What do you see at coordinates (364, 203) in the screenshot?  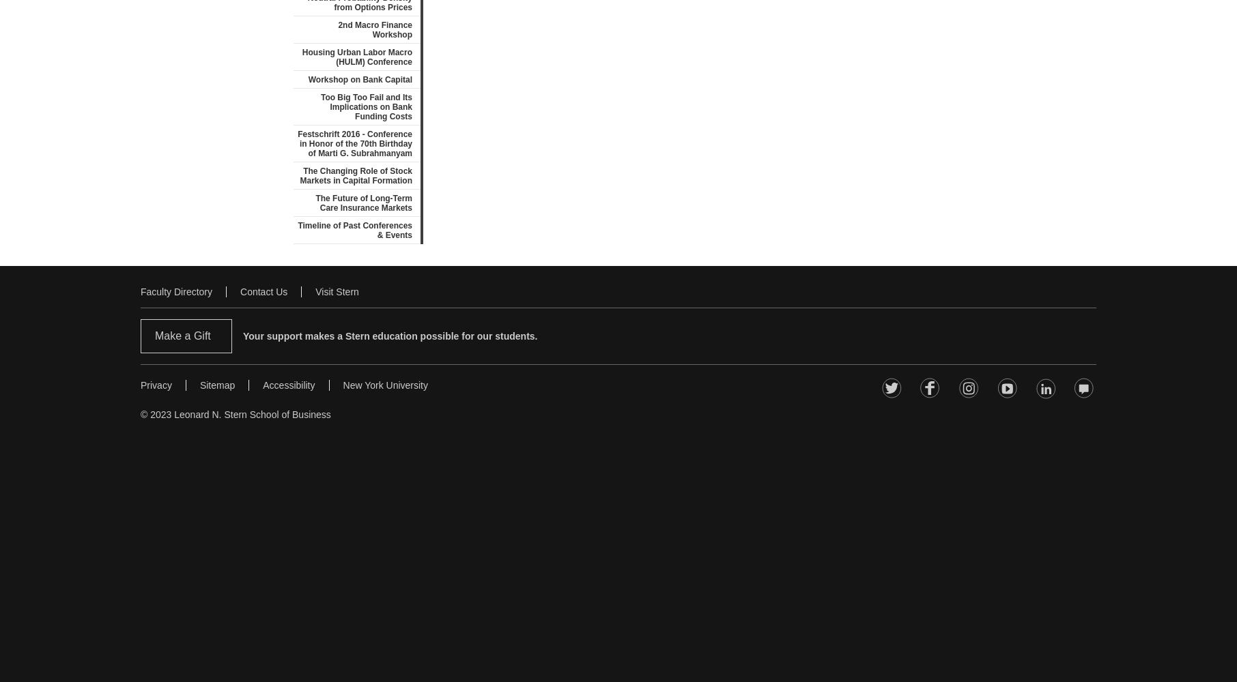 I see `'The Future of Long-Term Care Insurance Markets'` at bounding box center [364, 203].